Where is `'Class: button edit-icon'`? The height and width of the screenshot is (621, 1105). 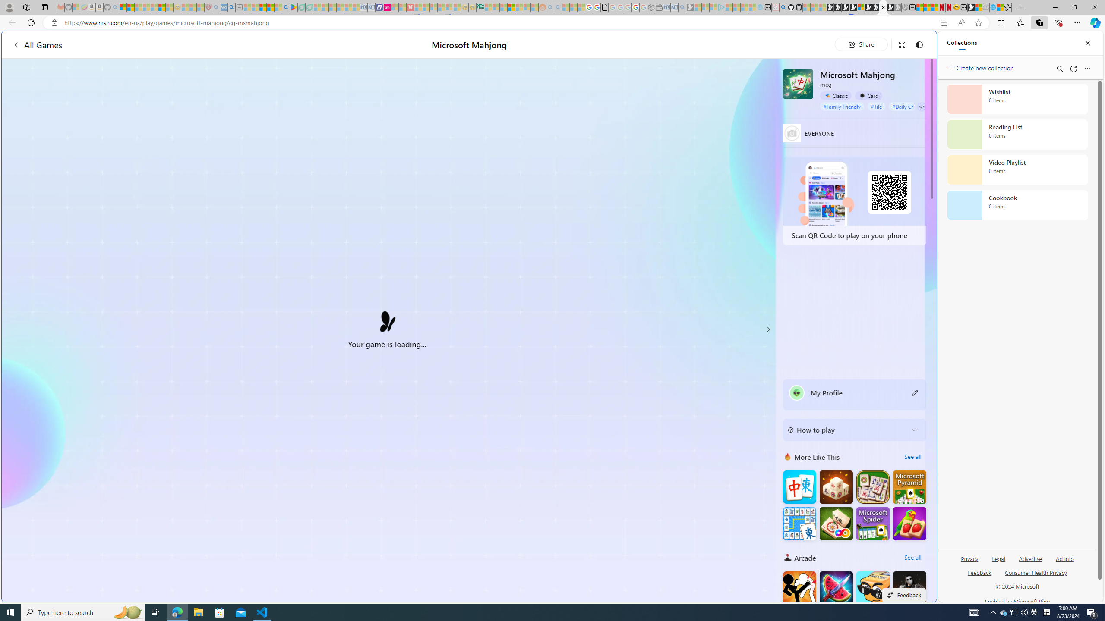
'Class: button edit-icon' is located at coordinates (915, 392).